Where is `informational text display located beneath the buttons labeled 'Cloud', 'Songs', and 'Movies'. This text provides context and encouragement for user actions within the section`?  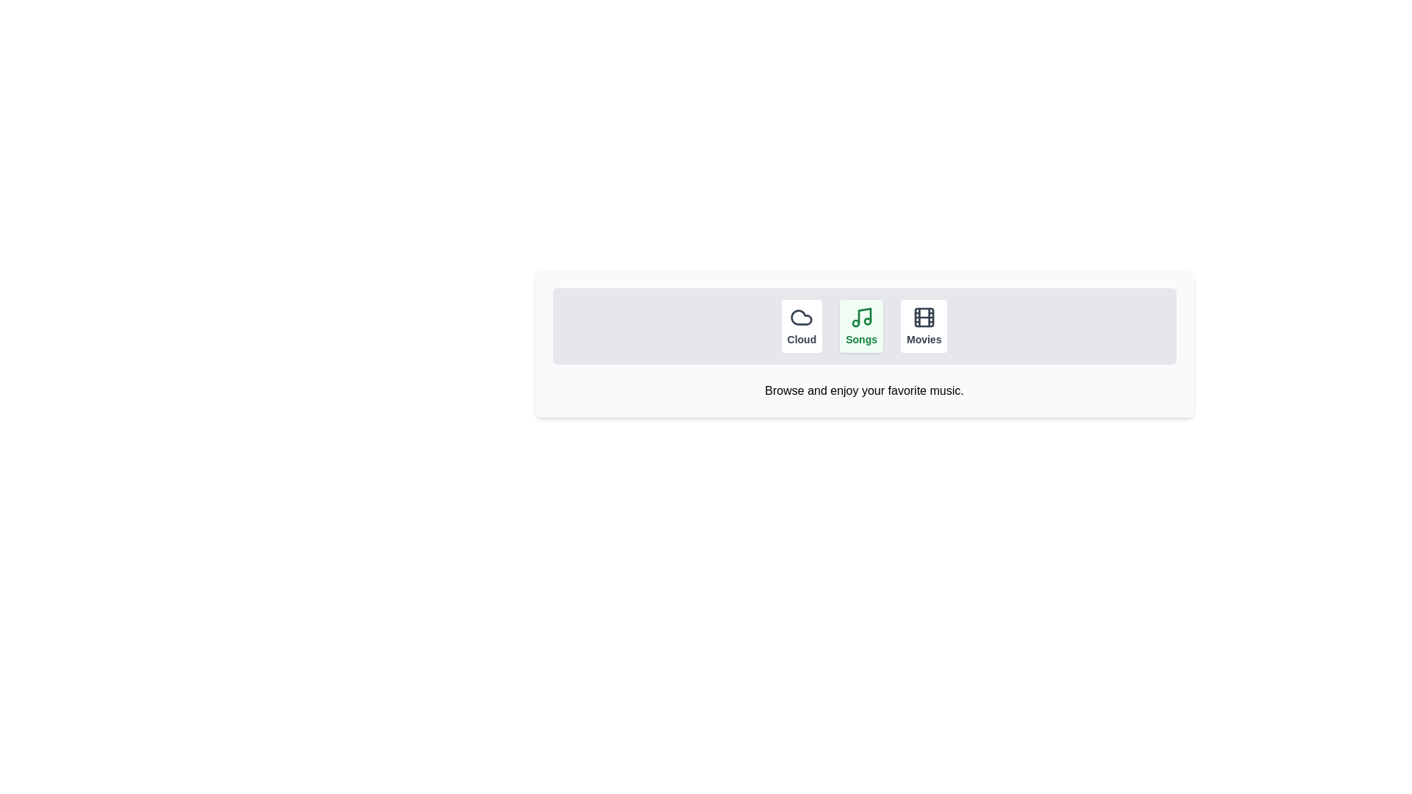
informational text display located beneath the buttons labeled 'Cloud', 'Songs', and 'Movies'. This text provides context and encouragement for user actions within the section is located at coordinates (864, 390).